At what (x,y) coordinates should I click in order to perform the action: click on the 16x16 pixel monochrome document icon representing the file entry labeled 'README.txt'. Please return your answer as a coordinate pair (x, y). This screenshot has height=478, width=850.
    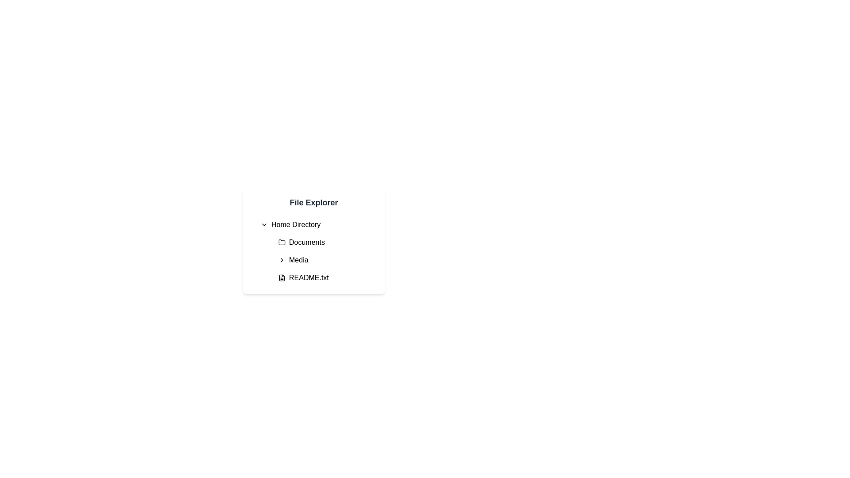
    Looking at the image, I should click on (282, 278).